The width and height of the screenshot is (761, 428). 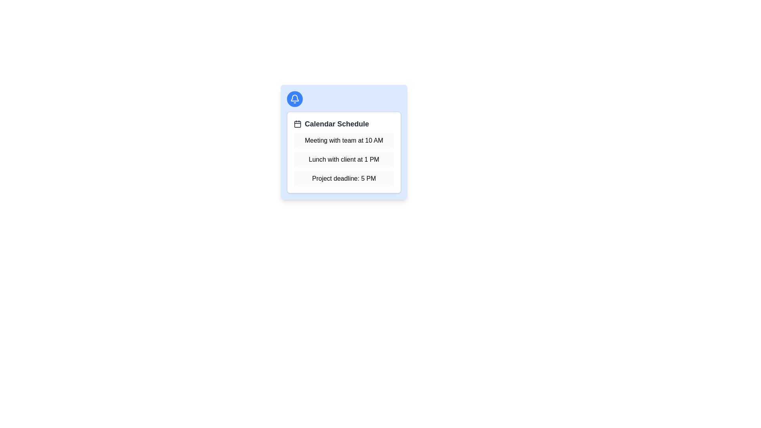 I want to click on the bell icon, which is outlined in a thin style and set within a blue circular background, located in the top-left corner of the 'Calendar Schedule' card, so click(x=294, y=97).